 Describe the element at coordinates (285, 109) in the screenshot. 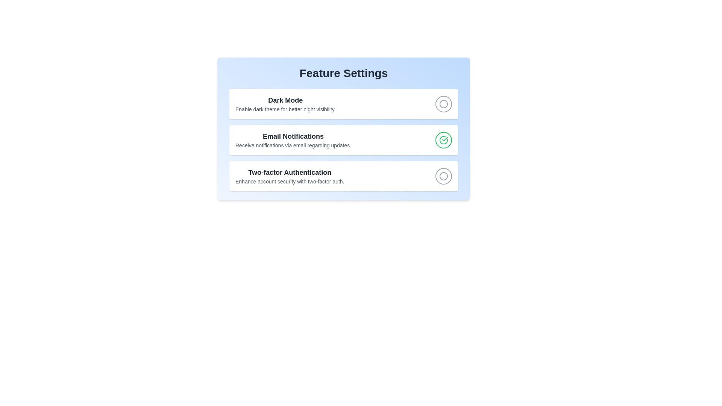

I see `the static text providing supplementary information for the 'Dark Mode' feature, located below the title 'Dark Mode' in the settings panel` at that location.